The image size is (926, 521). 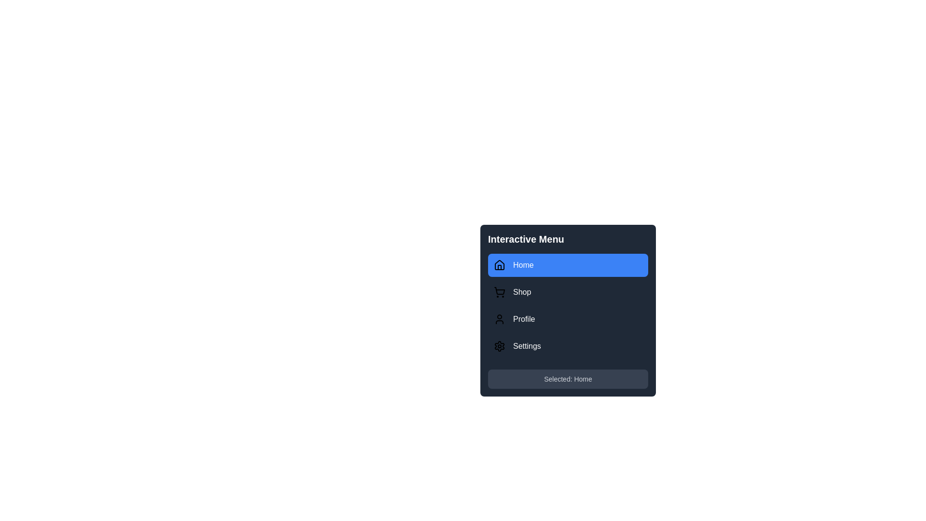 I want to click on the informational label styled in dark gray with the text 'Selected: Home' located at the bottom of the interactive menu component, so click(x=568, y=379).